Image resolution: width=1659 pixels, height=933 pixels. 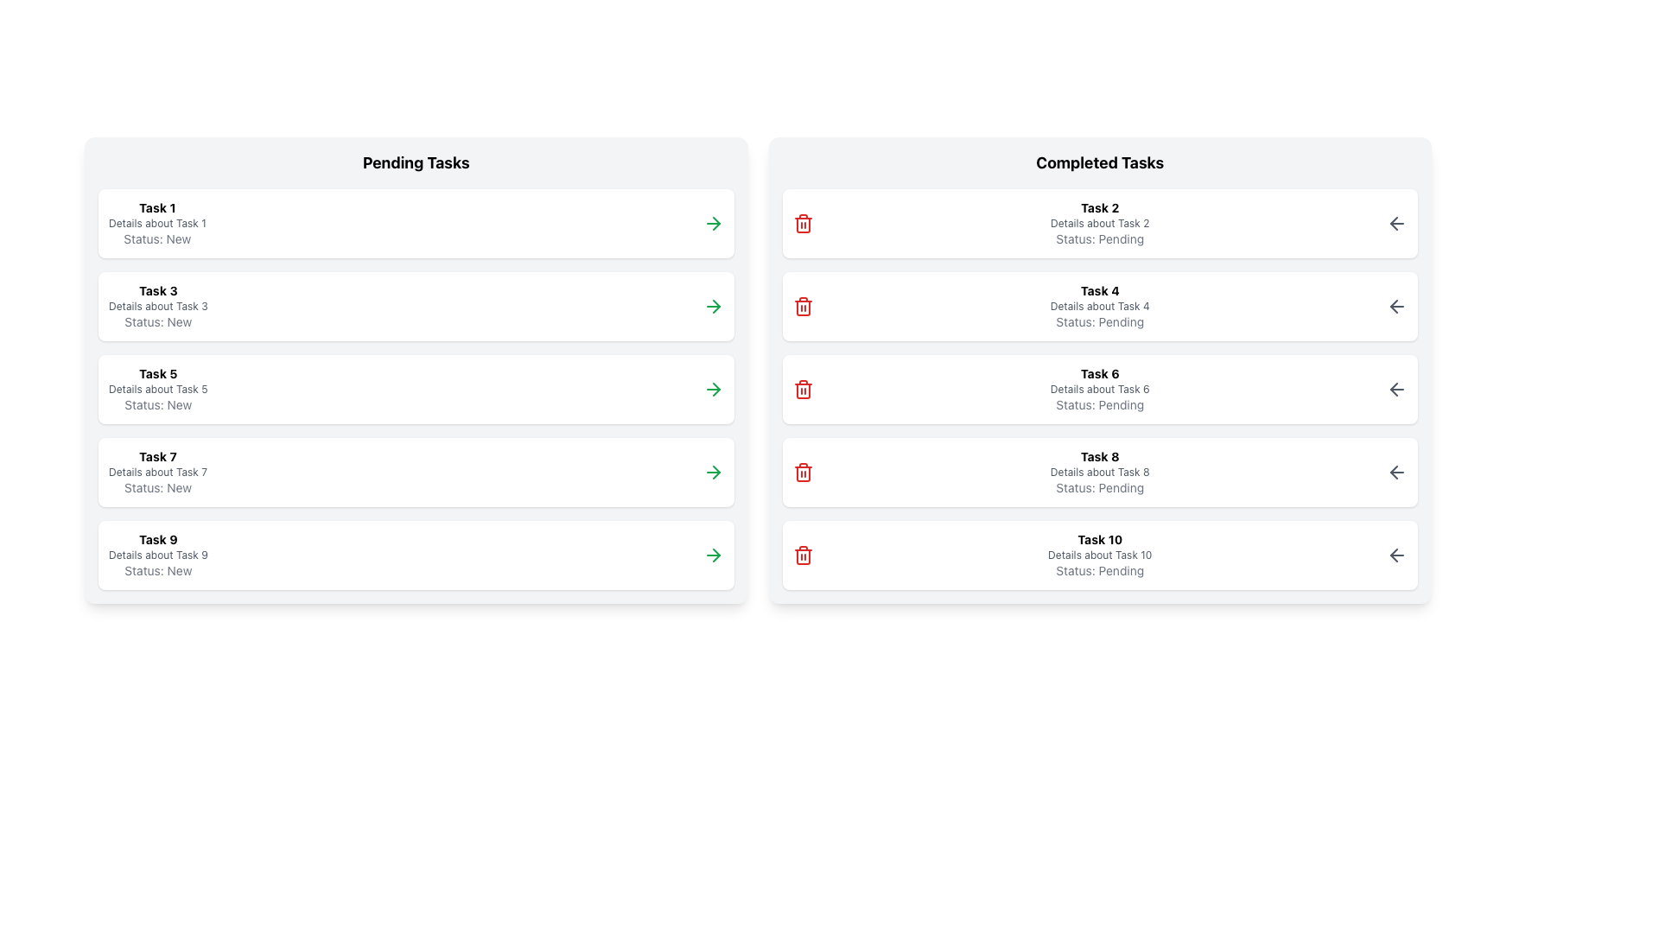 What do you see at coordinates (157, 222) in the screenshot?
I see `task information from the text block titled 'Task 1' located in the 'Pending Tasks' section` at bounding box center [157, 222].